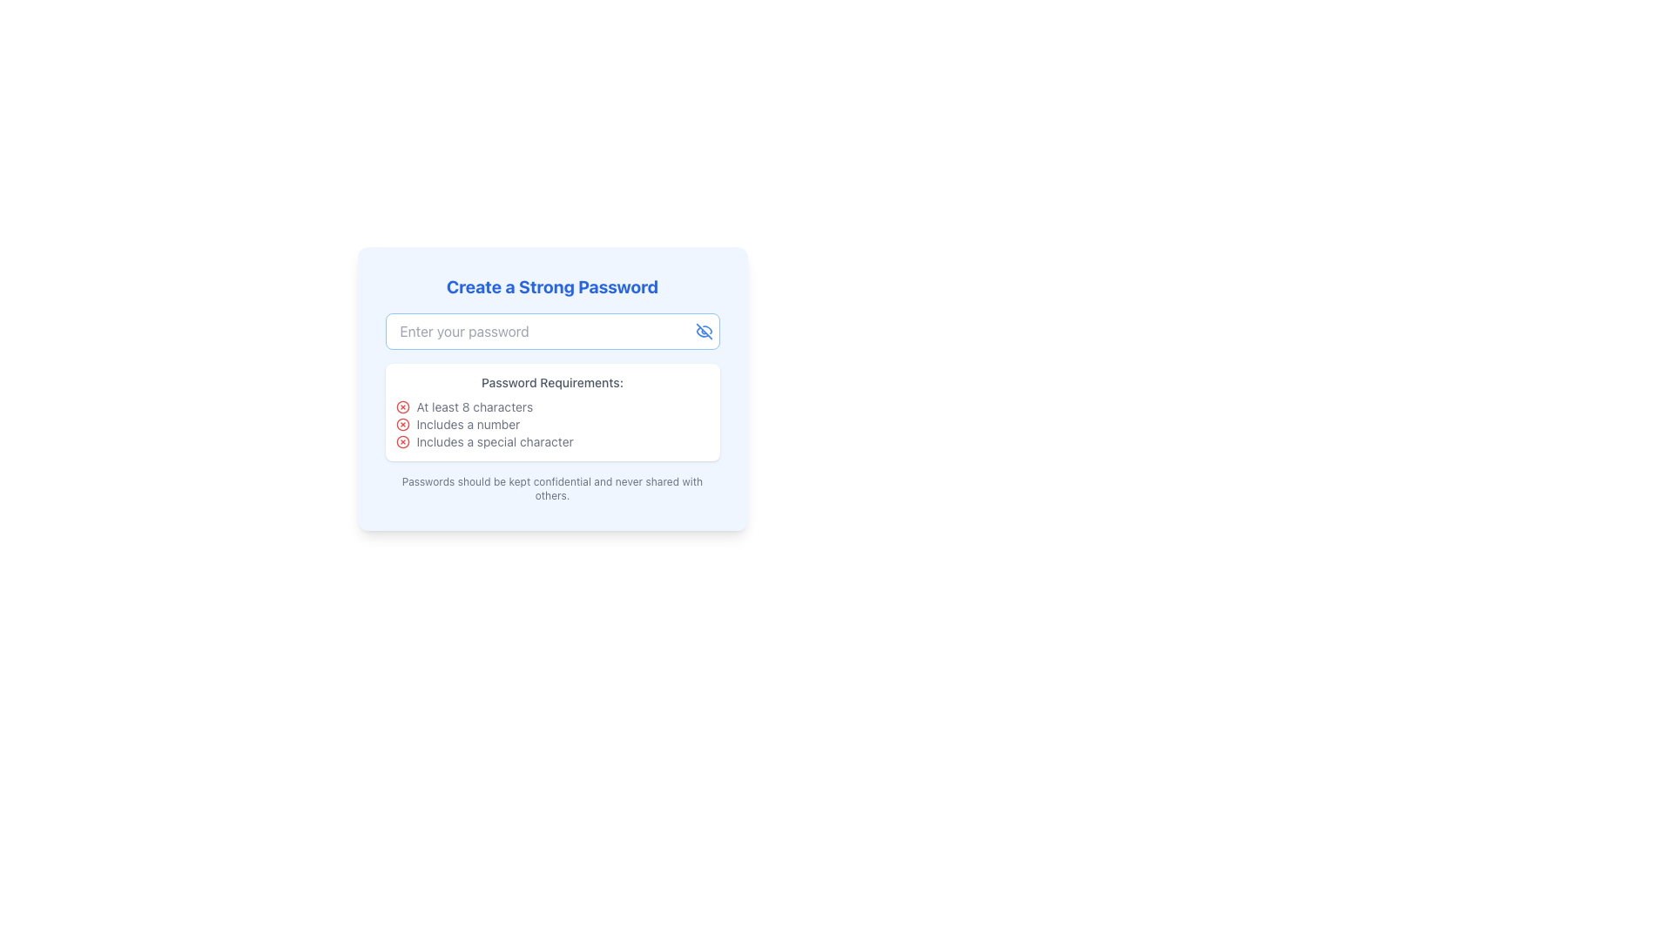 The image size is (1672, 940). Describe the element at coordinates (468, 425) in the screenshot. I see `the static text label that indicates a specific password requirement, positioned to the right of a red icon below the password input field` at that location.